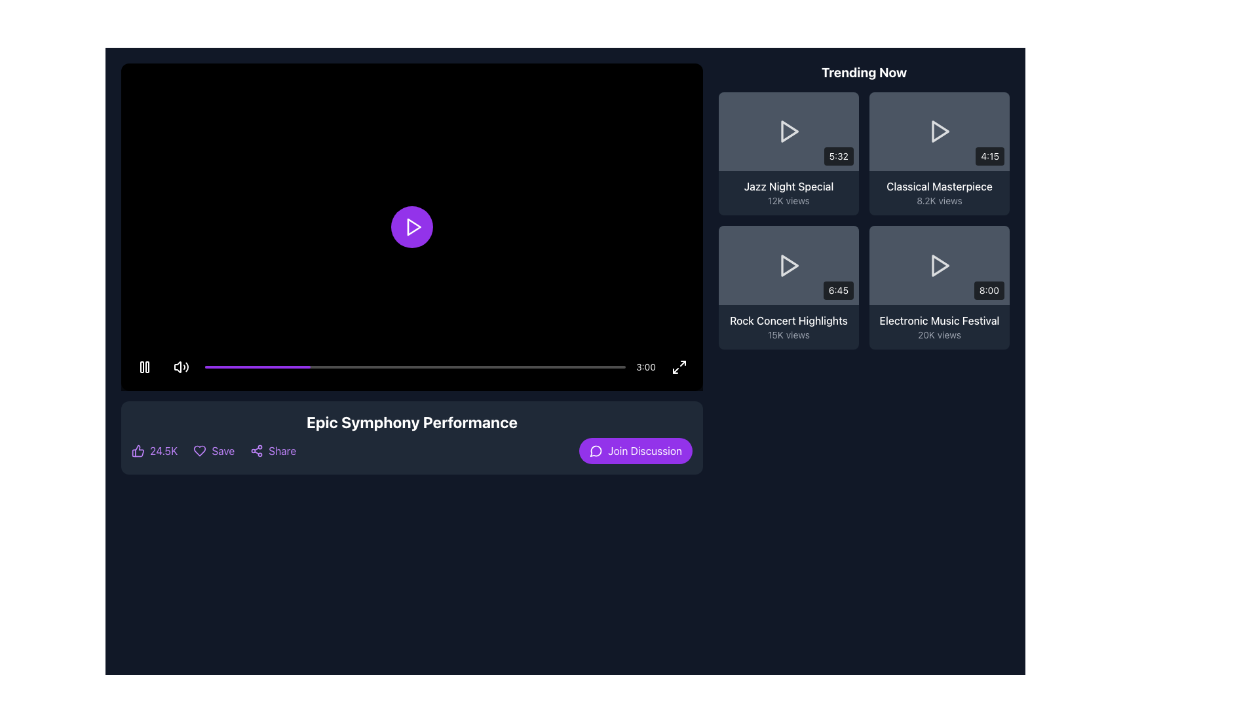  Describe the element at coordinates (788, 325) in the screenshot. I see `the Informational text block displaying the video titled 'Rock Concert Highlights'` at that location.